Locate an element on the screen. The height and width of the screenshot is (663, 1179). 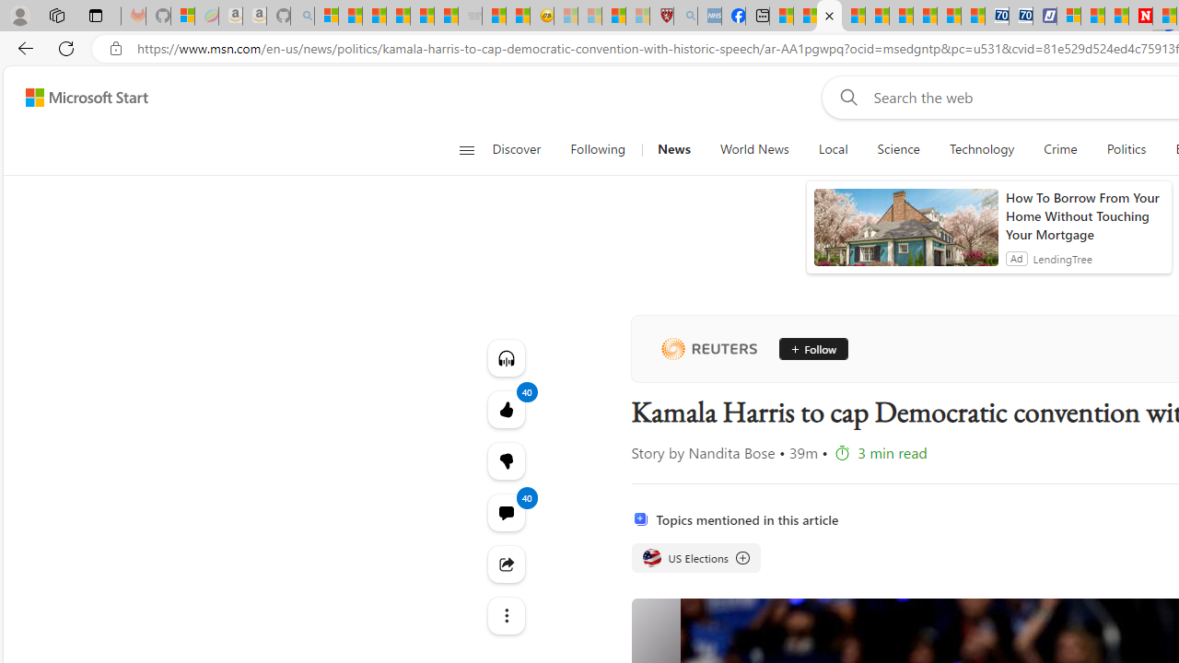
'40 Like' is located at coordinates (506, 408).